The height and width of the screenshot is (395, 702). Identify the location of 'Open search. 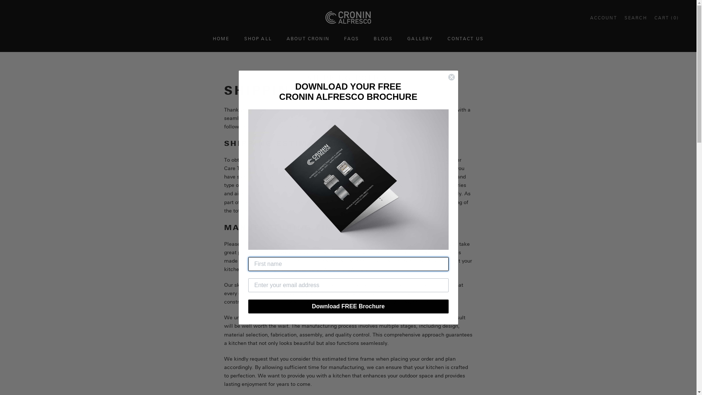
(635, 17).